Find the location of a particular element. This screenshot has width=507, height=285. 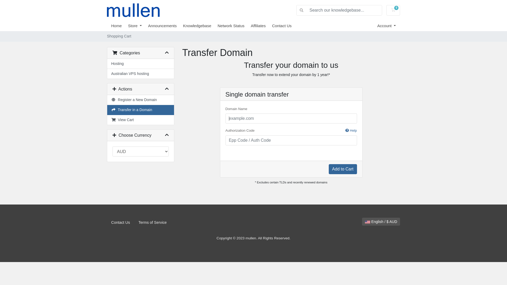

'English / $ AUD' is located at coordinates (381, 222).